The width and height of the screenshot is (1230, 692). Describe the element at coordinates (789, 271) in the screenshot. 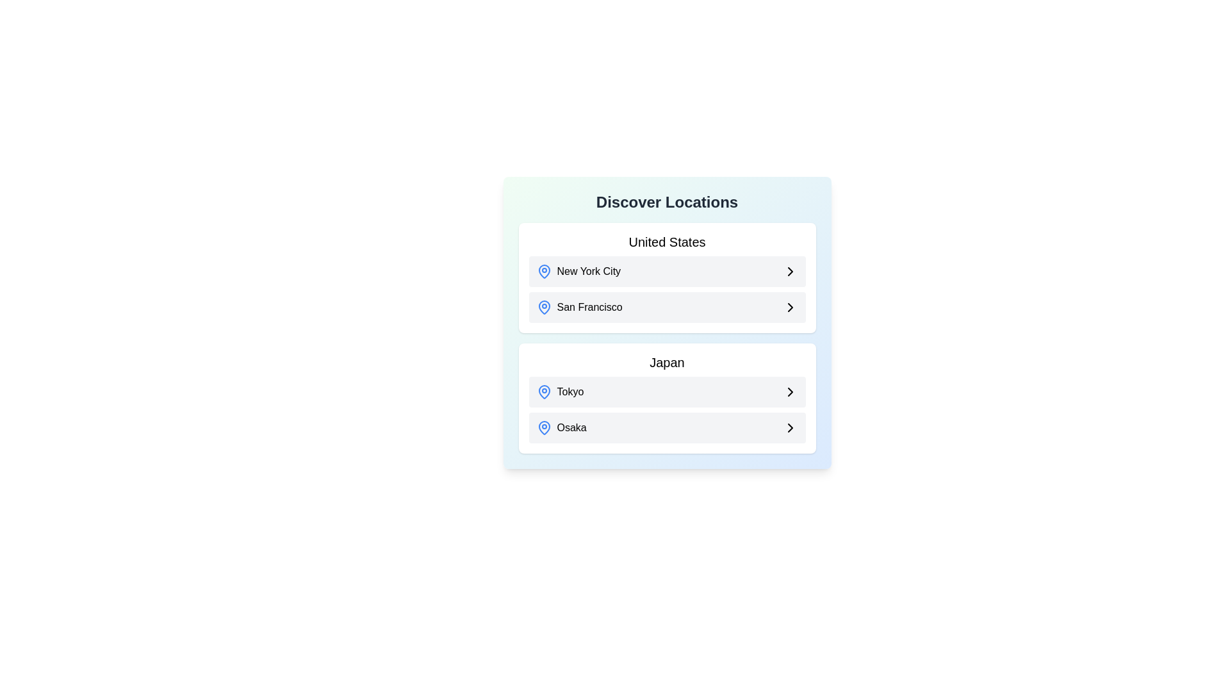

I see `the rightward-pointing chevron arrow icon located near the right edge of the 'New York City' list item within the 'United States' section` at that location.